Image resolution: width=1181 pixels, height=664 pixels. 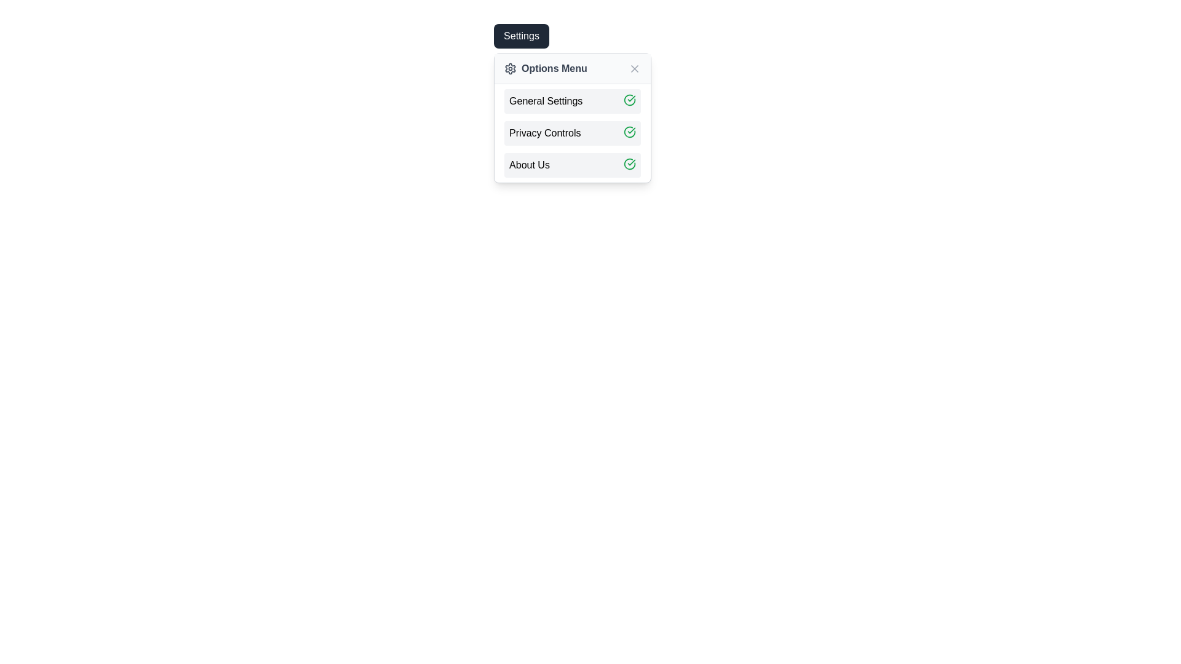 I want to click on the state of the status indicator icon located in the lower-right corner of the 'About Us' section, which indicates the selected or confirmed status of the menu item, so click(x=630, y=163).